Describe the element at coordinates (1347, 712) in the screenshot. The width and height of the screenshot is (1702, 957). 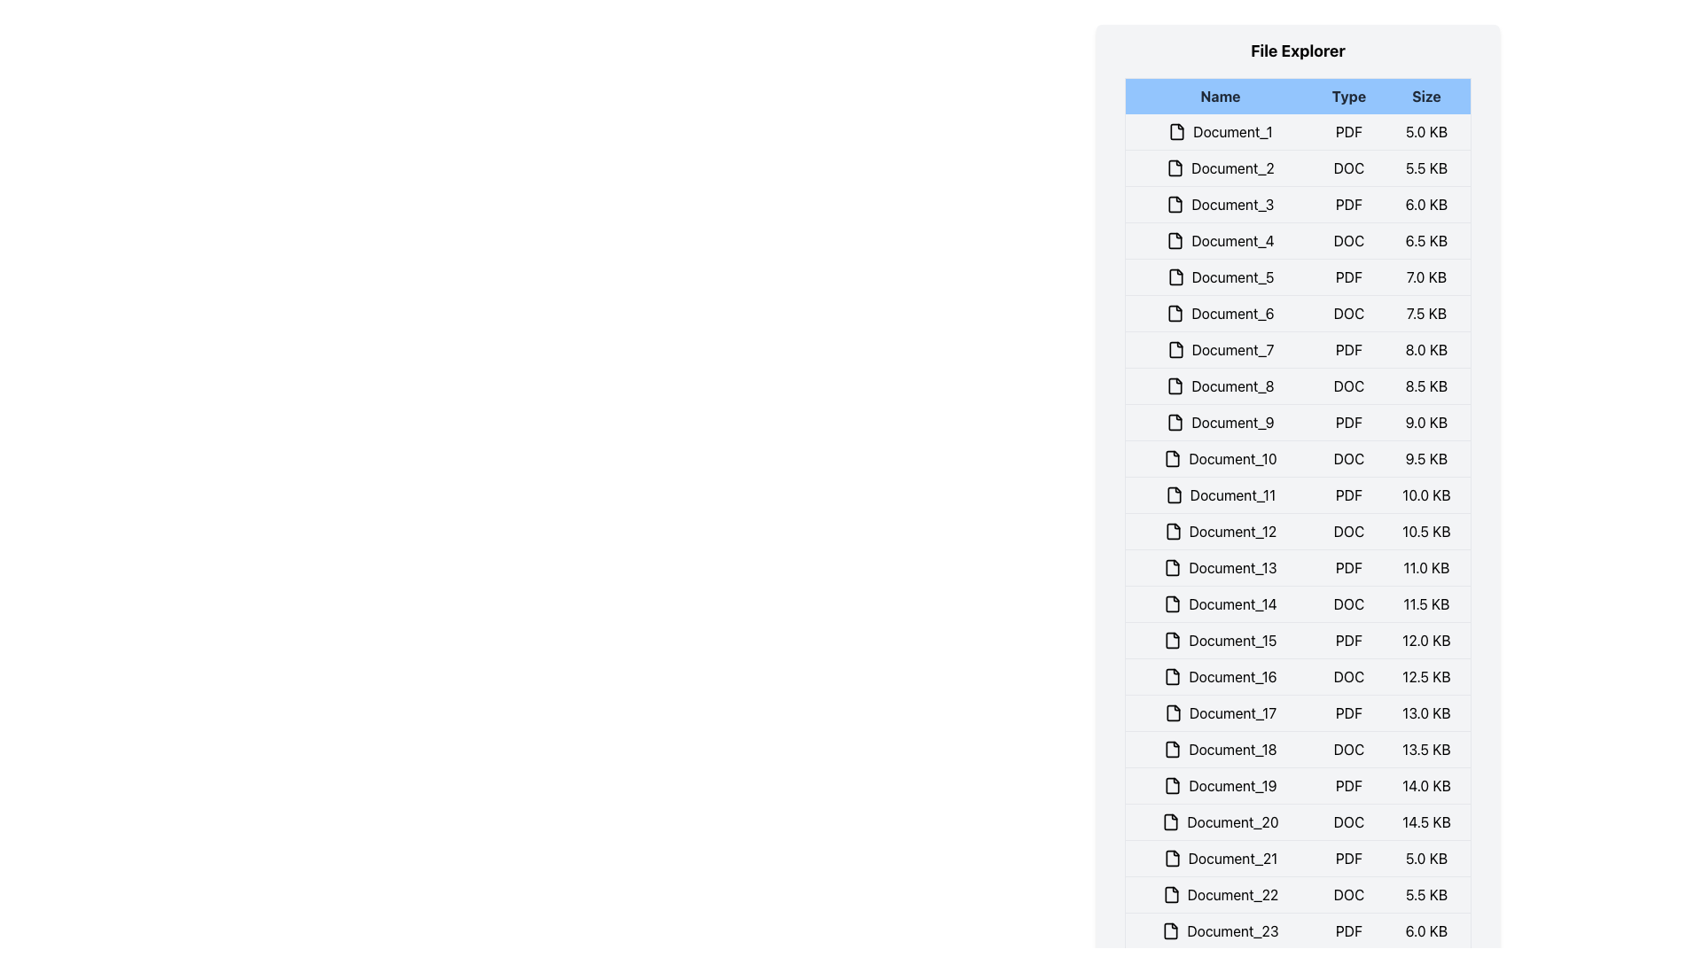
I see `the text label displaying 'PDF' that is part of the row for 'Document_17' in the 'Type' column of the file explorer table` at that location.